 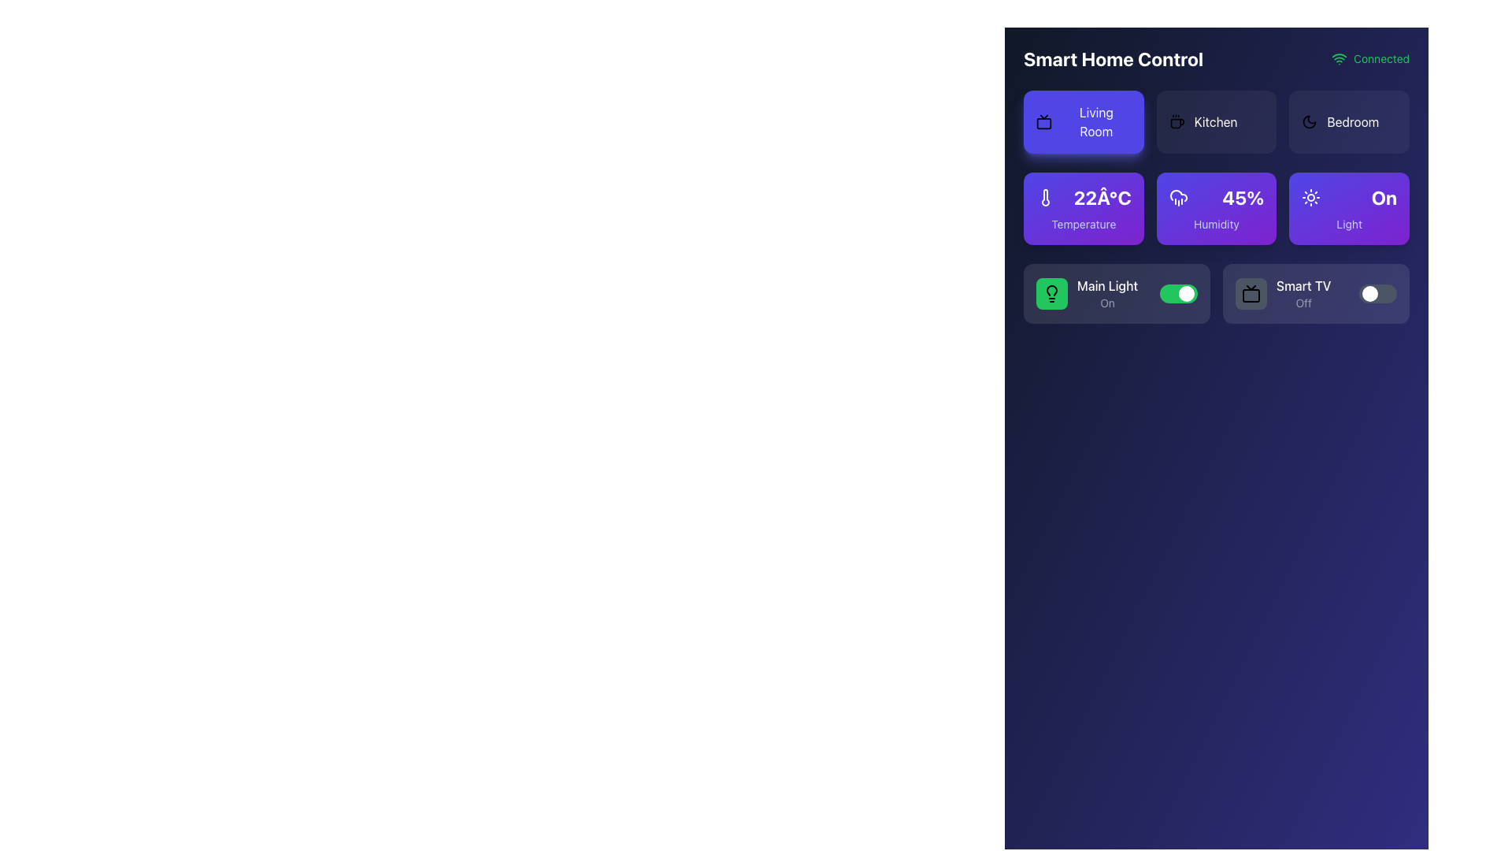 What do you see at coordinates (1095, 121) in the screenshot?
I see `the 'Living Room' button located at the top left of the grid layout under 'Smart Home Control'` at bounding box center [1095, 121].